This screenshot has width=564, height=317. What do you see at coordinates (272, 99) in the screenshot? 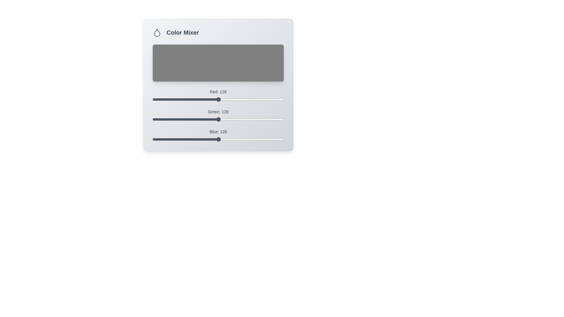
I see `the red color slider to set the red value to 233` at bounding box center [272, 99].